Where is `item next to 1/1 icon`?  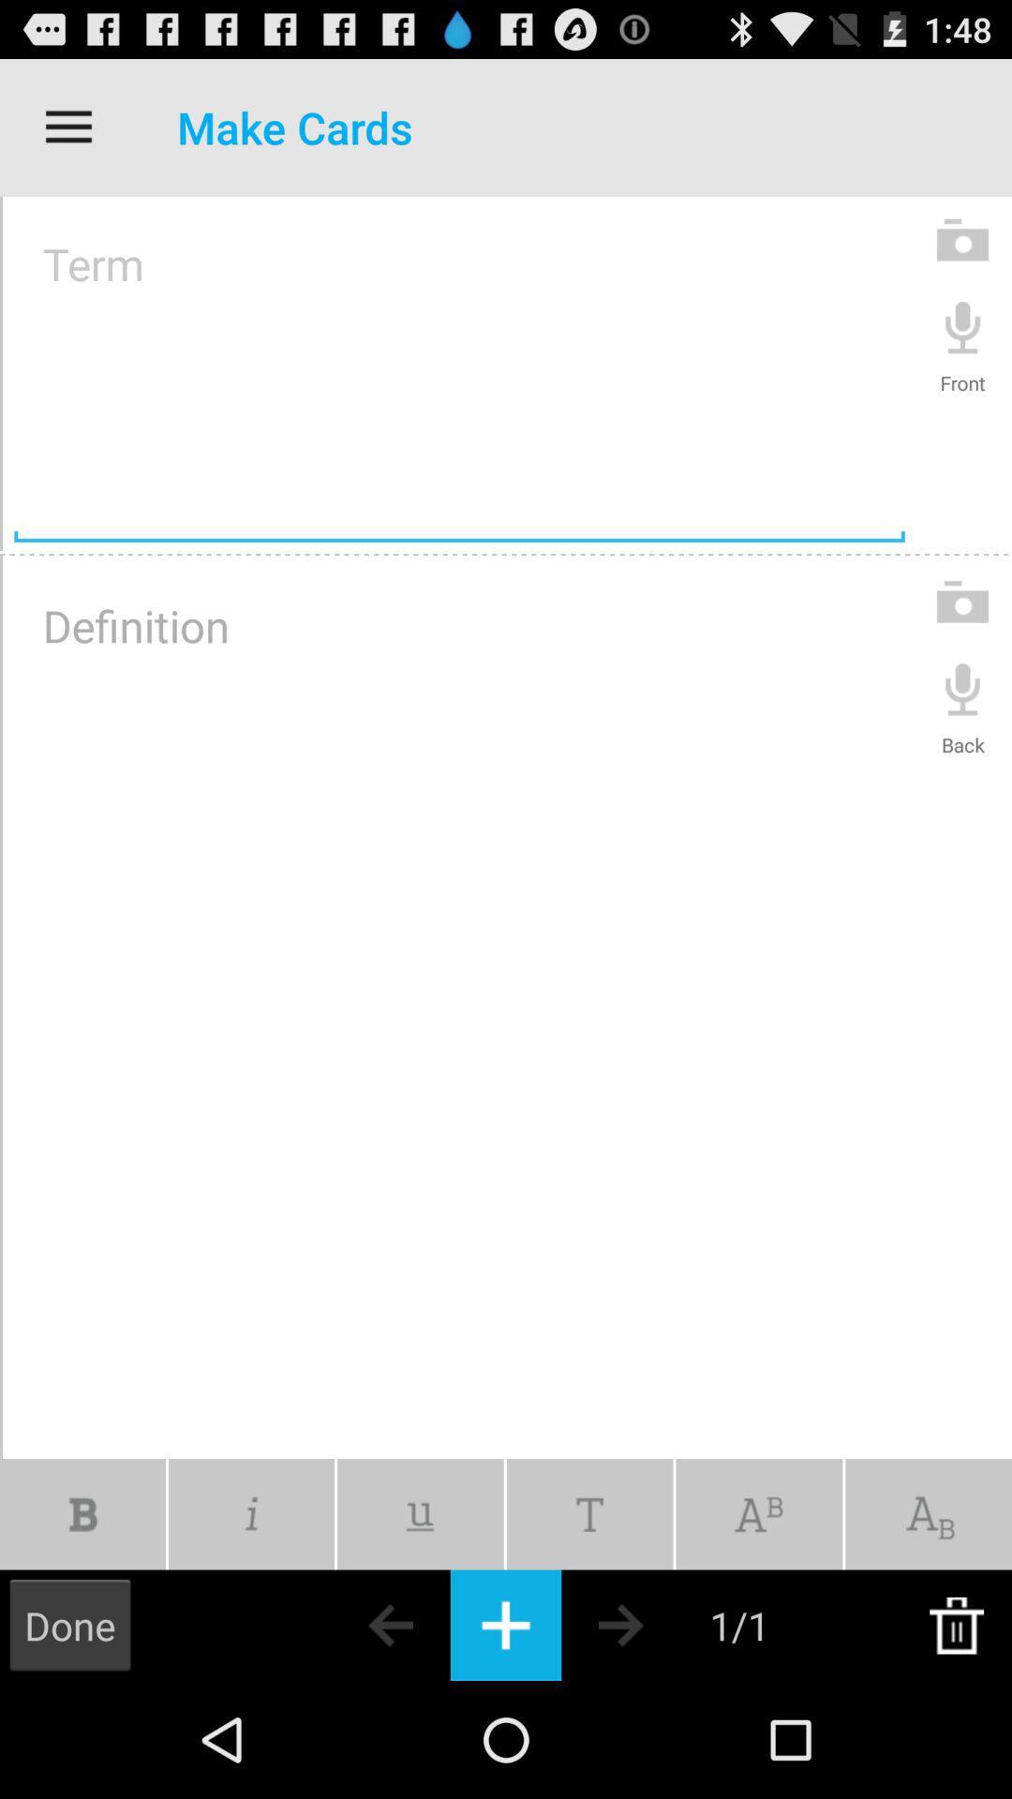
item next to 1/1 icon is located at coordinates (653, 1624).